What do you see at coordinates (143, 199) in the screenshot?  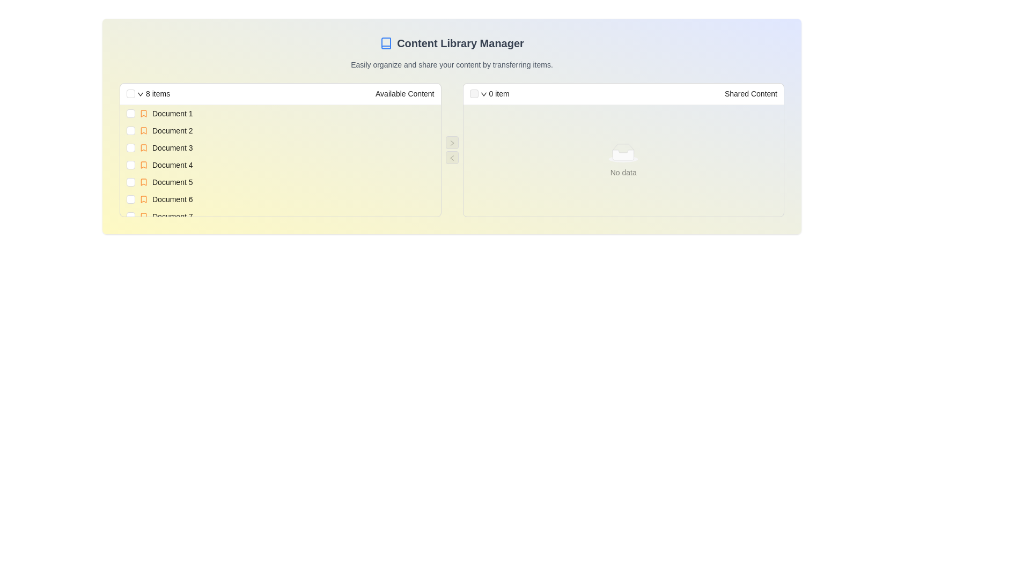 I see `the sixth bookmark icon located to the left of the 'Document 6' text entry in the vertical list of documents` at bounding box center [143, 199].